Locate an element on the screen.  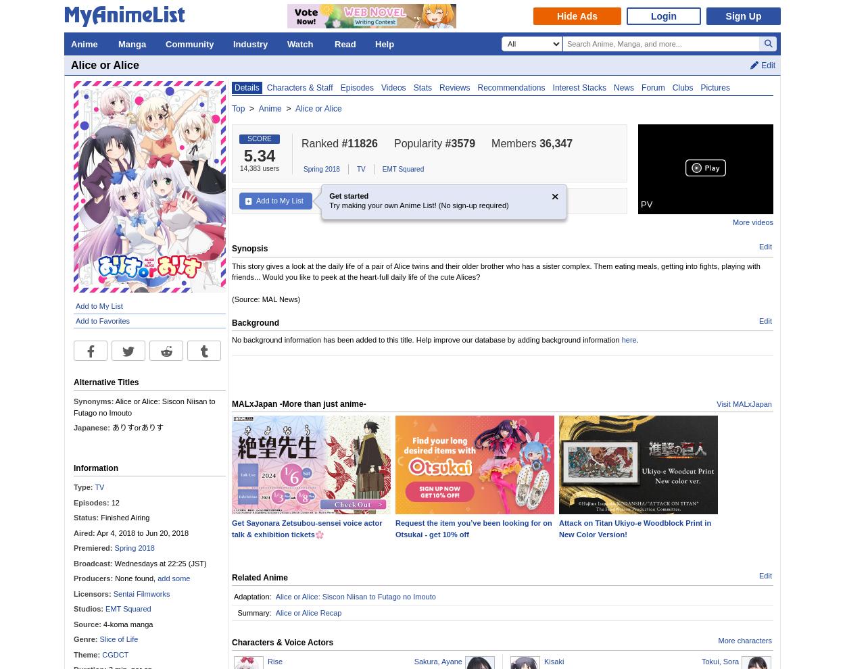
'ありすorありす' is located at coordinates (110, 427).